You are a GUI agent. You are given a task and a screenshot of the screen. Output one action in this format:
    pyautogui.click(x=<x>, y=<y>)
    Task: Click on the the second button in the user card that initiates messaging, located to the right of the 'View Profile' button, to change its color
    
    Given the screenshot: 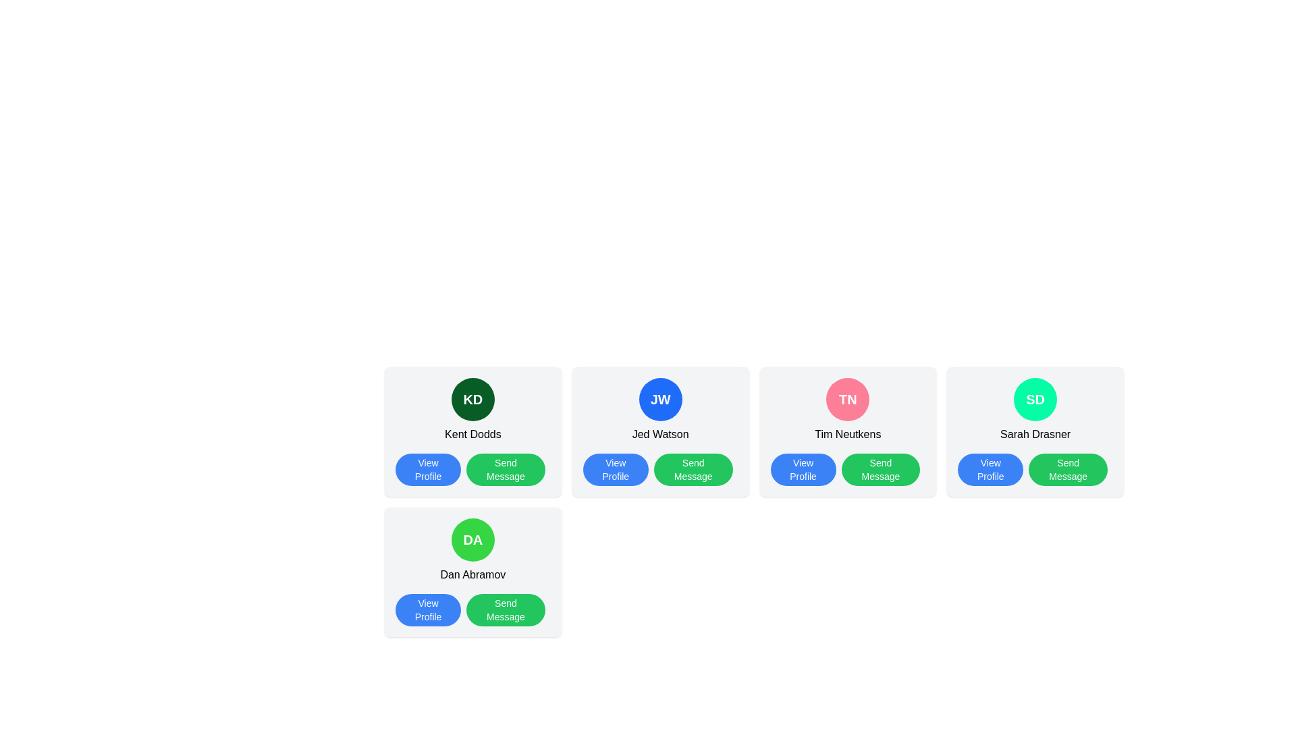 What is the action you would take?
    pyautogui.click(x=1067, y=468)
    